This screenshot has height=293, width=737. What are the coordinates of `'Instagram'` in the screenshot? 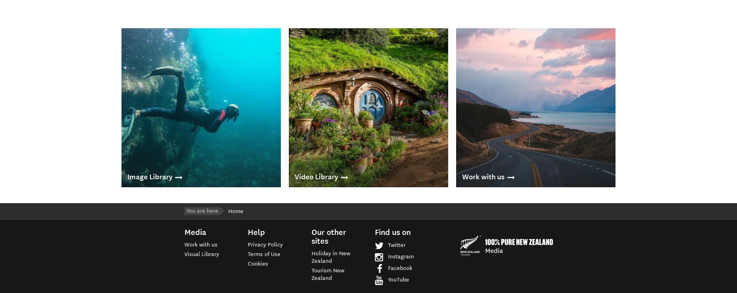 It's located at (400, 256).